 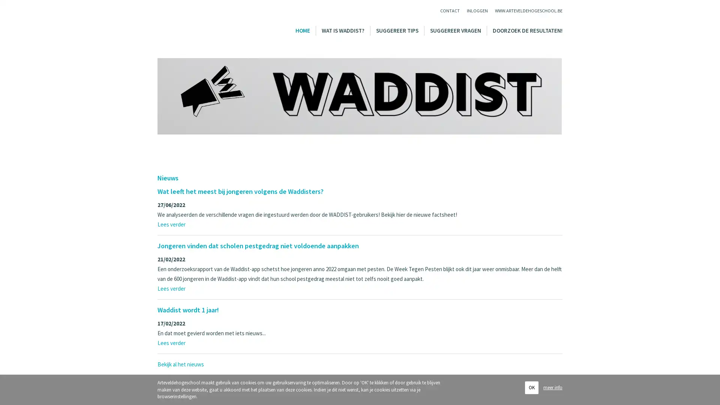 What do you see at coordinates (531, 387) in the screenshot?
I see `OK` at bounding box center [531, 387].